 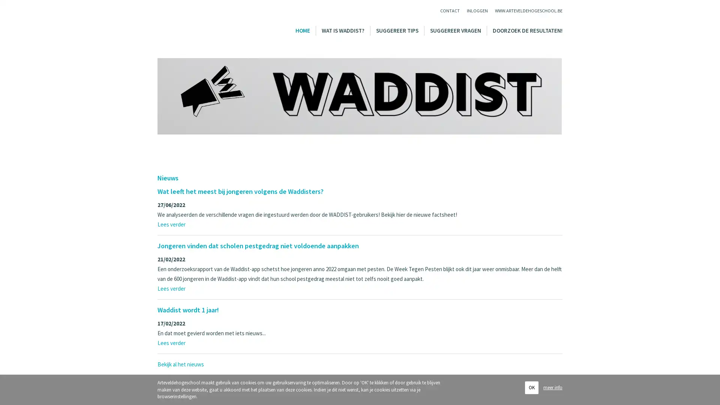 What do you see at coordinates (531, 387) in the screenshot?
I see `OK` at bounding box center [531, 387].